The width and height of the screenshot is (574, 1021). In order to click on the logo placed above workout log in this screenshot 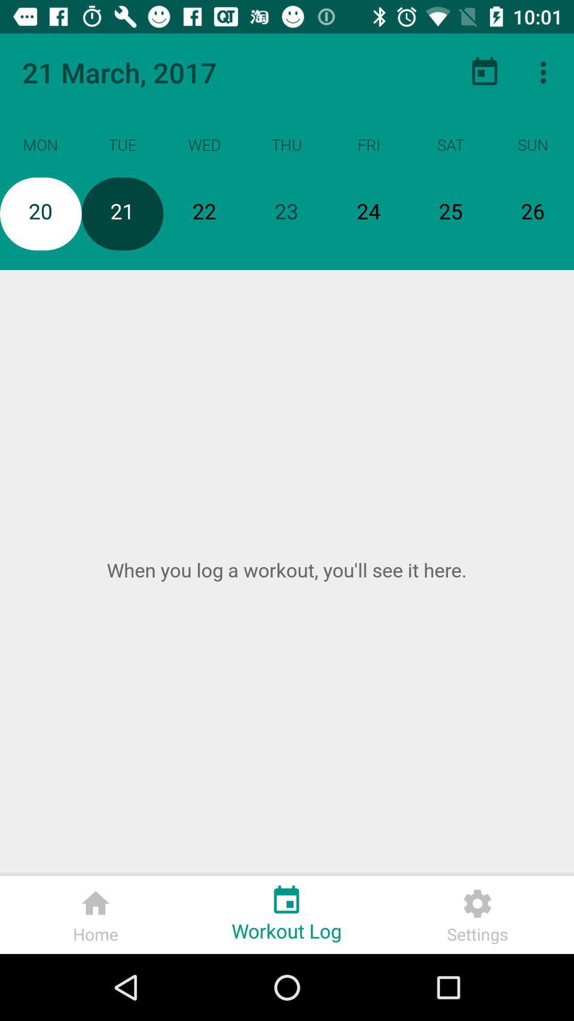, I will do `click(286, 896)`.